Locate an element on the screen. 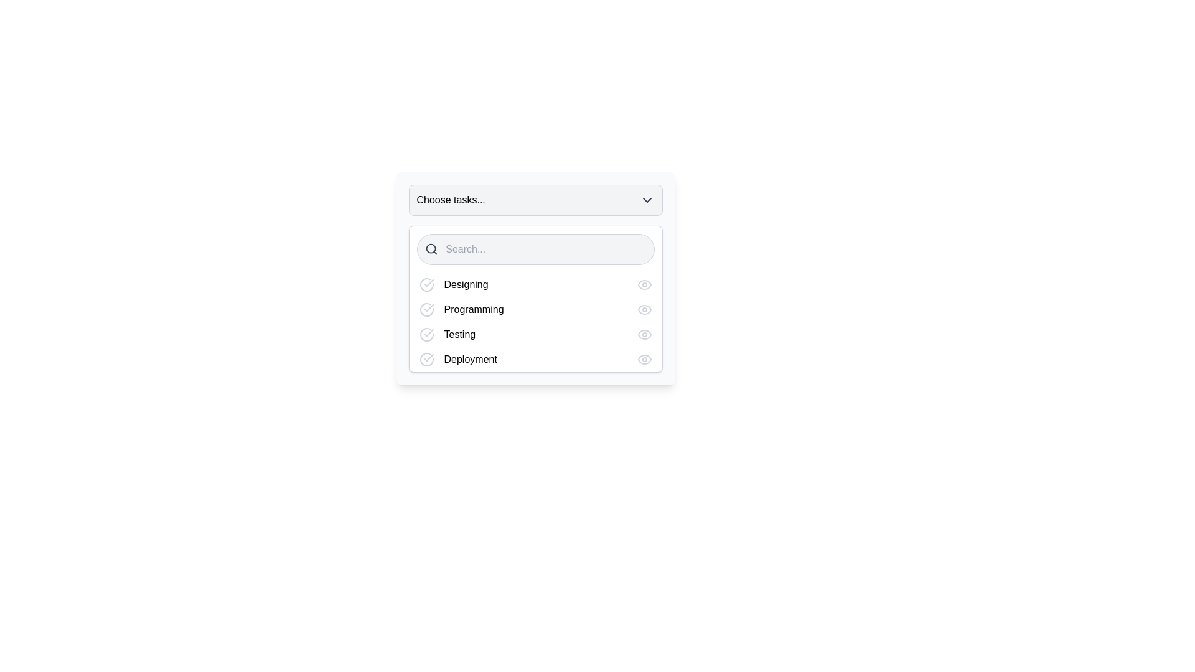 This screenshot has width=1195, height=672. the circular gray check mark icon located is located at coordinates (426, 360).